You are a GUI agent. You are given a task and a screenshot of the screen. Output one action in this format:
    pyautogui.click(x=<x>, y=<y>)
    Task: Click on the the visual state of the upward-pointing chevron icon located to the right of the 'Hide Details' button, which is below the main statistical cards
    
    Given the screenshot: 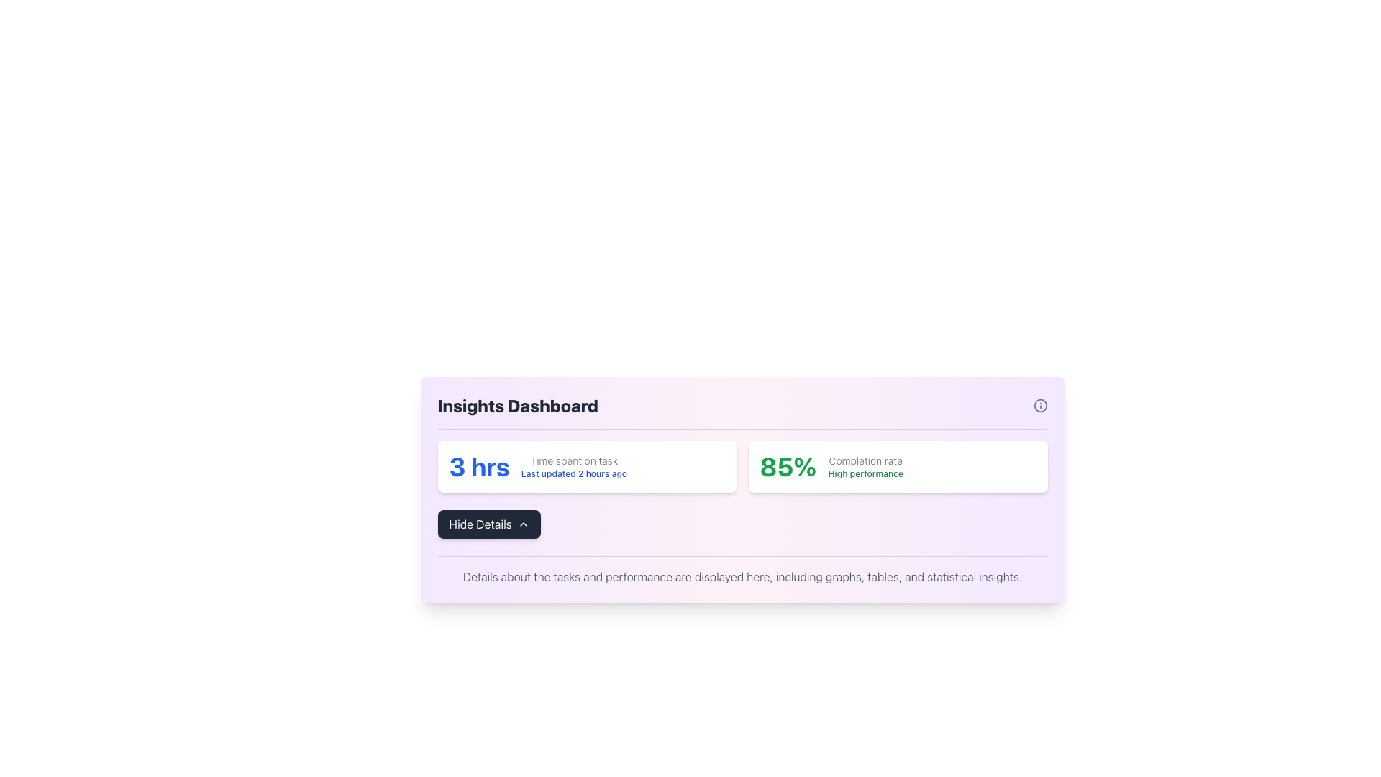 What is the action you would take?
    pyautogui.click(x=522, y=524)
    